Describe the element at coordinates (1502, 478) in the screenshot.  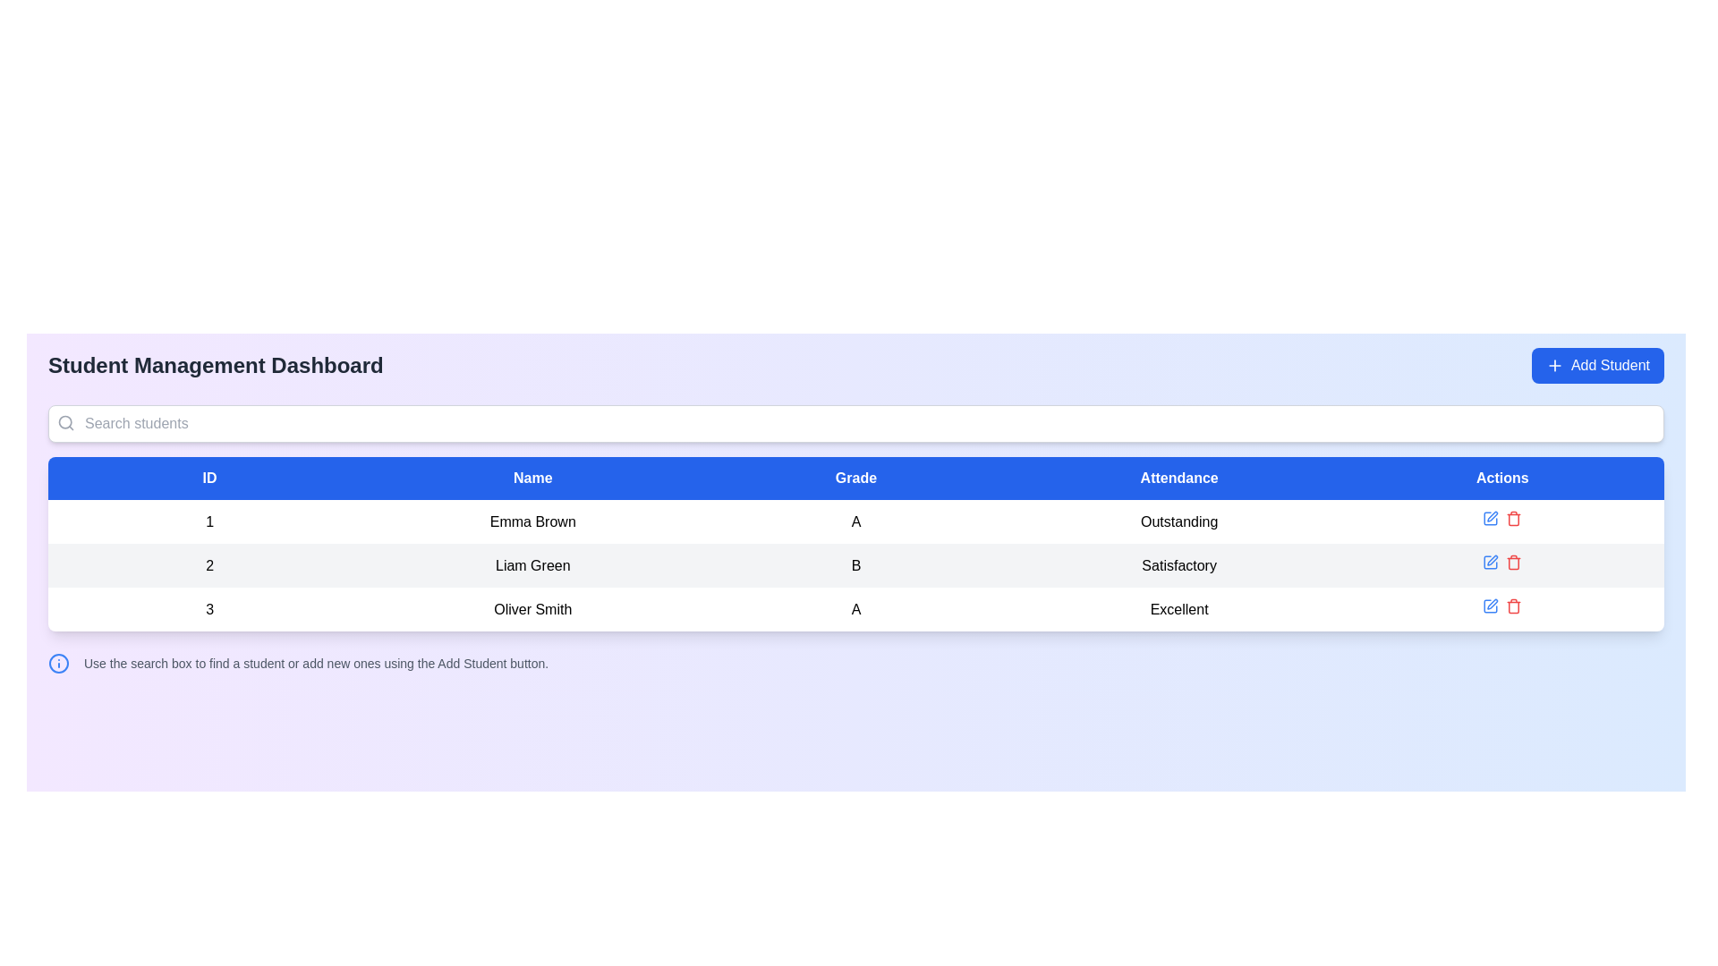
I see `the static text label with a blue background and white text reading 'Actions', which is the fifth column header in the table interface` at that location.